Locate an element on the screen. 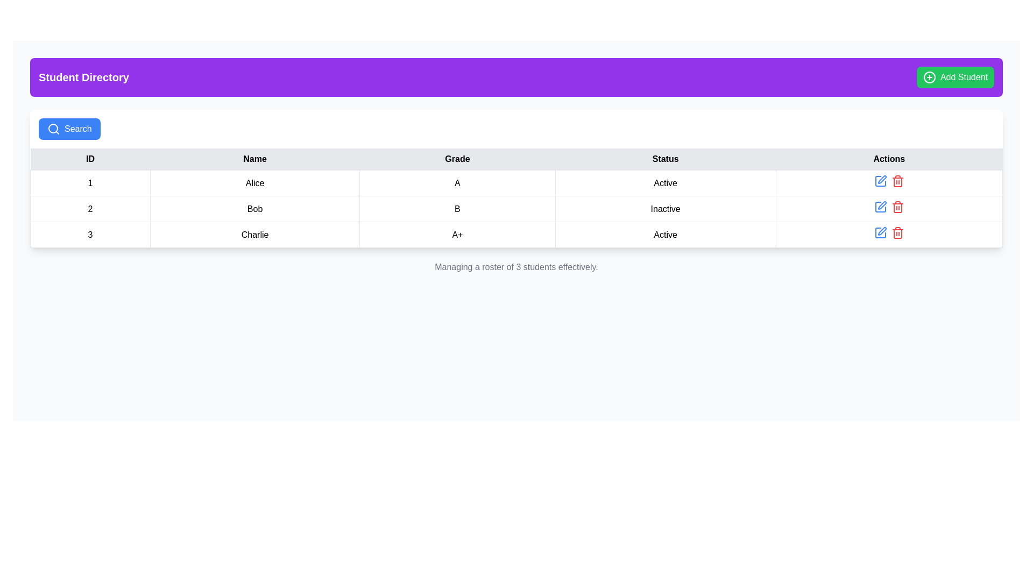  the 'Search' button, which has a blue background, white text, and a magnifying glass icon, located below the 'Student Directory' header is located at coordinates (69, 128).